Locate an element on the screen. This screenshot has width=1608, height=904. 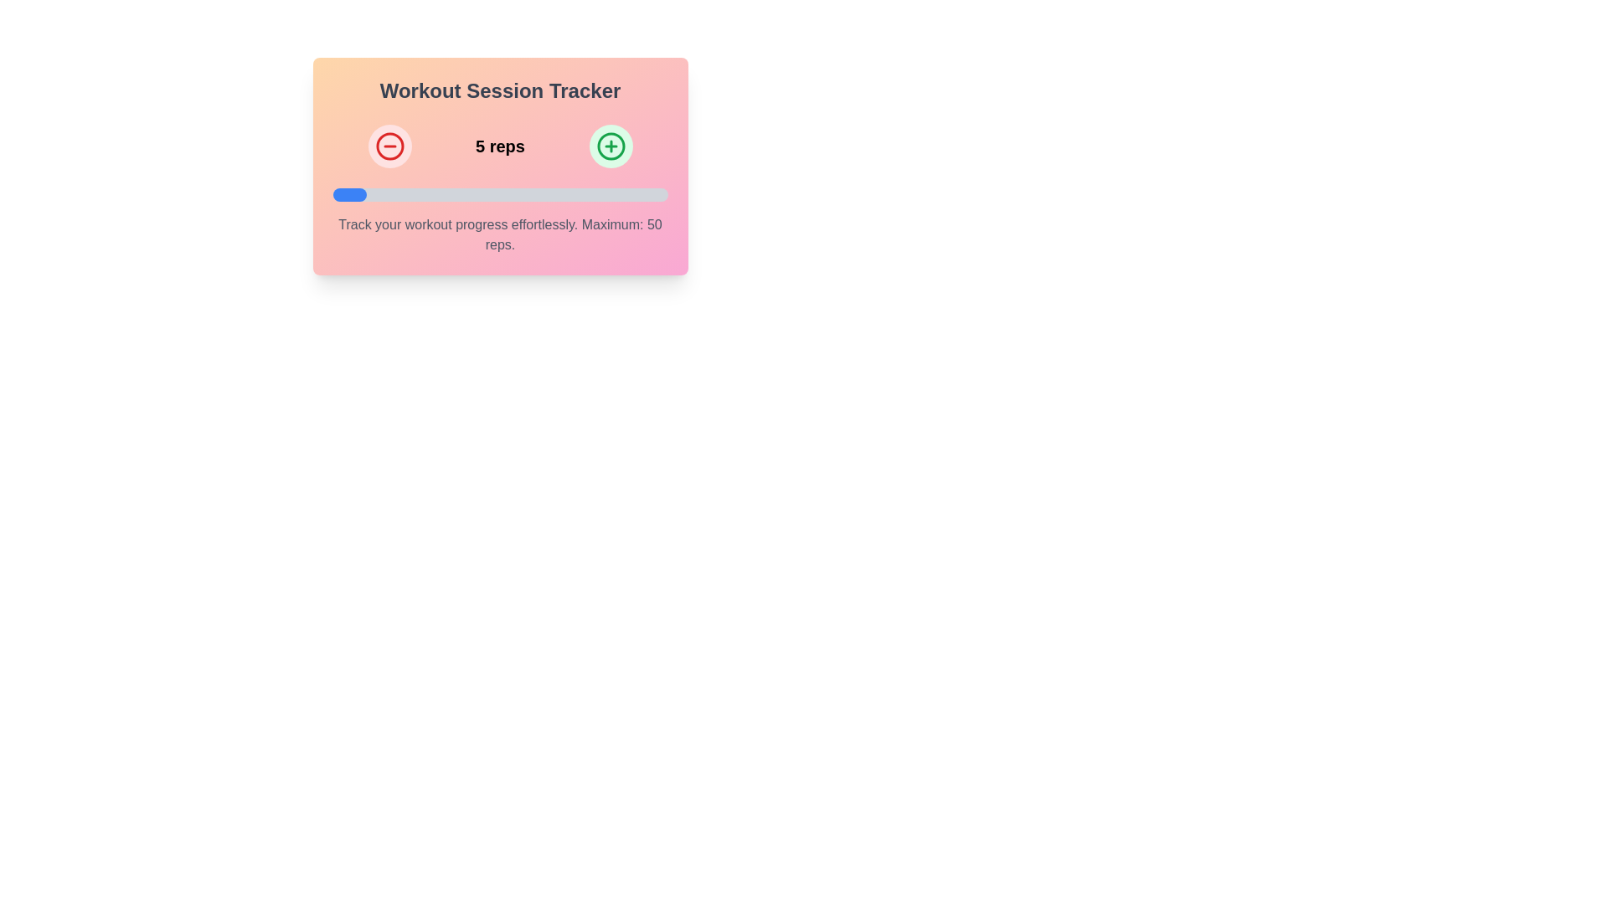
slider progress is located at coordinates (594, 193).